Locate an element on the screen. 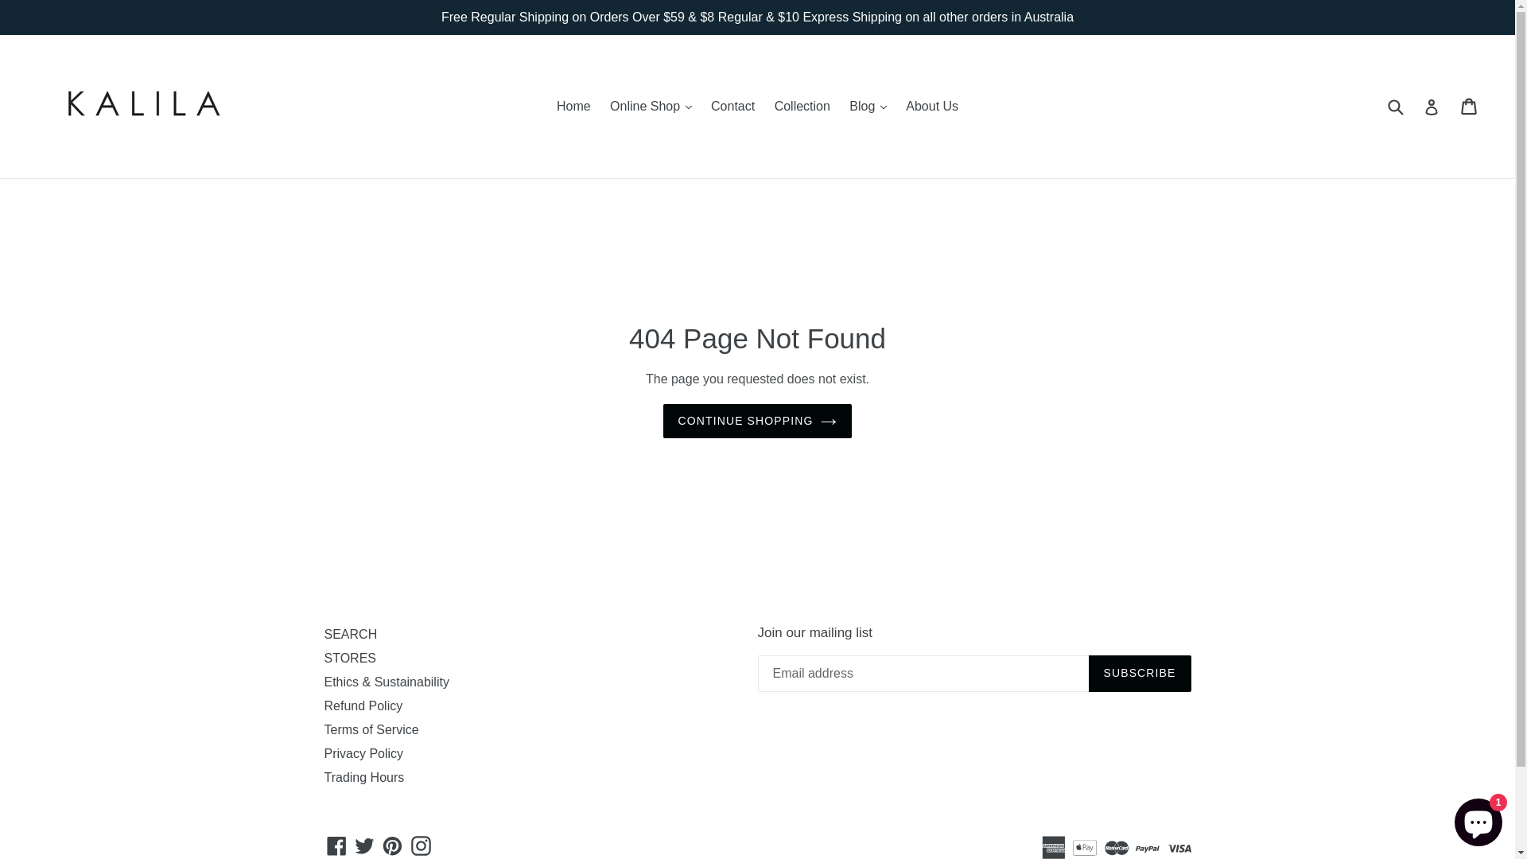 This screenshot has height=859, width=1527. 'SUBSCRIBE' is located at coordinates (1138, 674).